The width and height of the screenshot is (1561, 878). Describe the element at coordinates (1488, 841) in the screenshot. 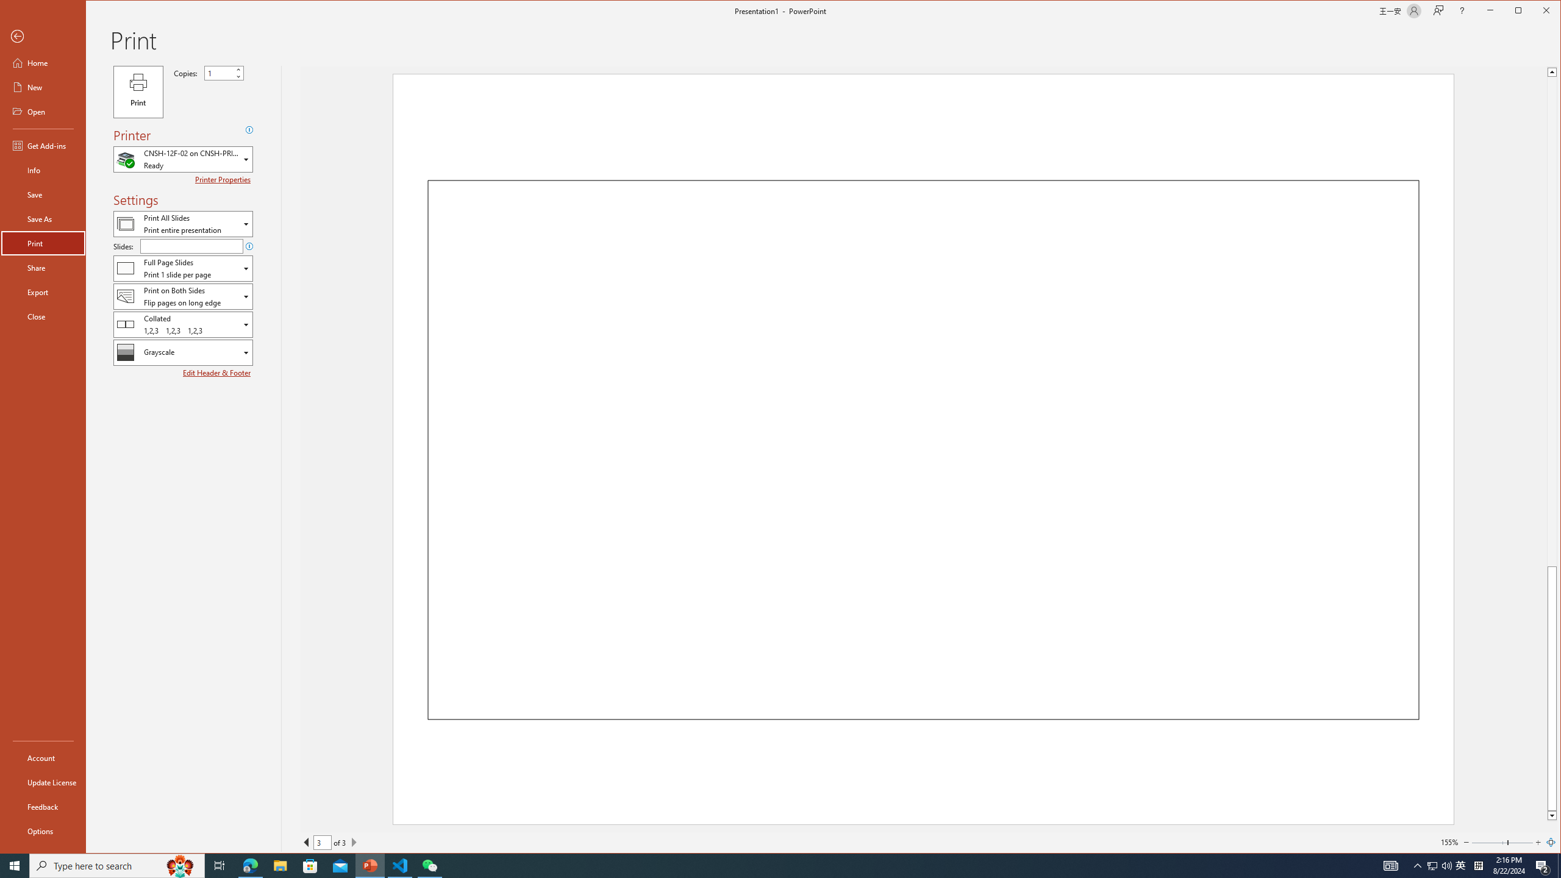

I see `'Page left'` at that location.